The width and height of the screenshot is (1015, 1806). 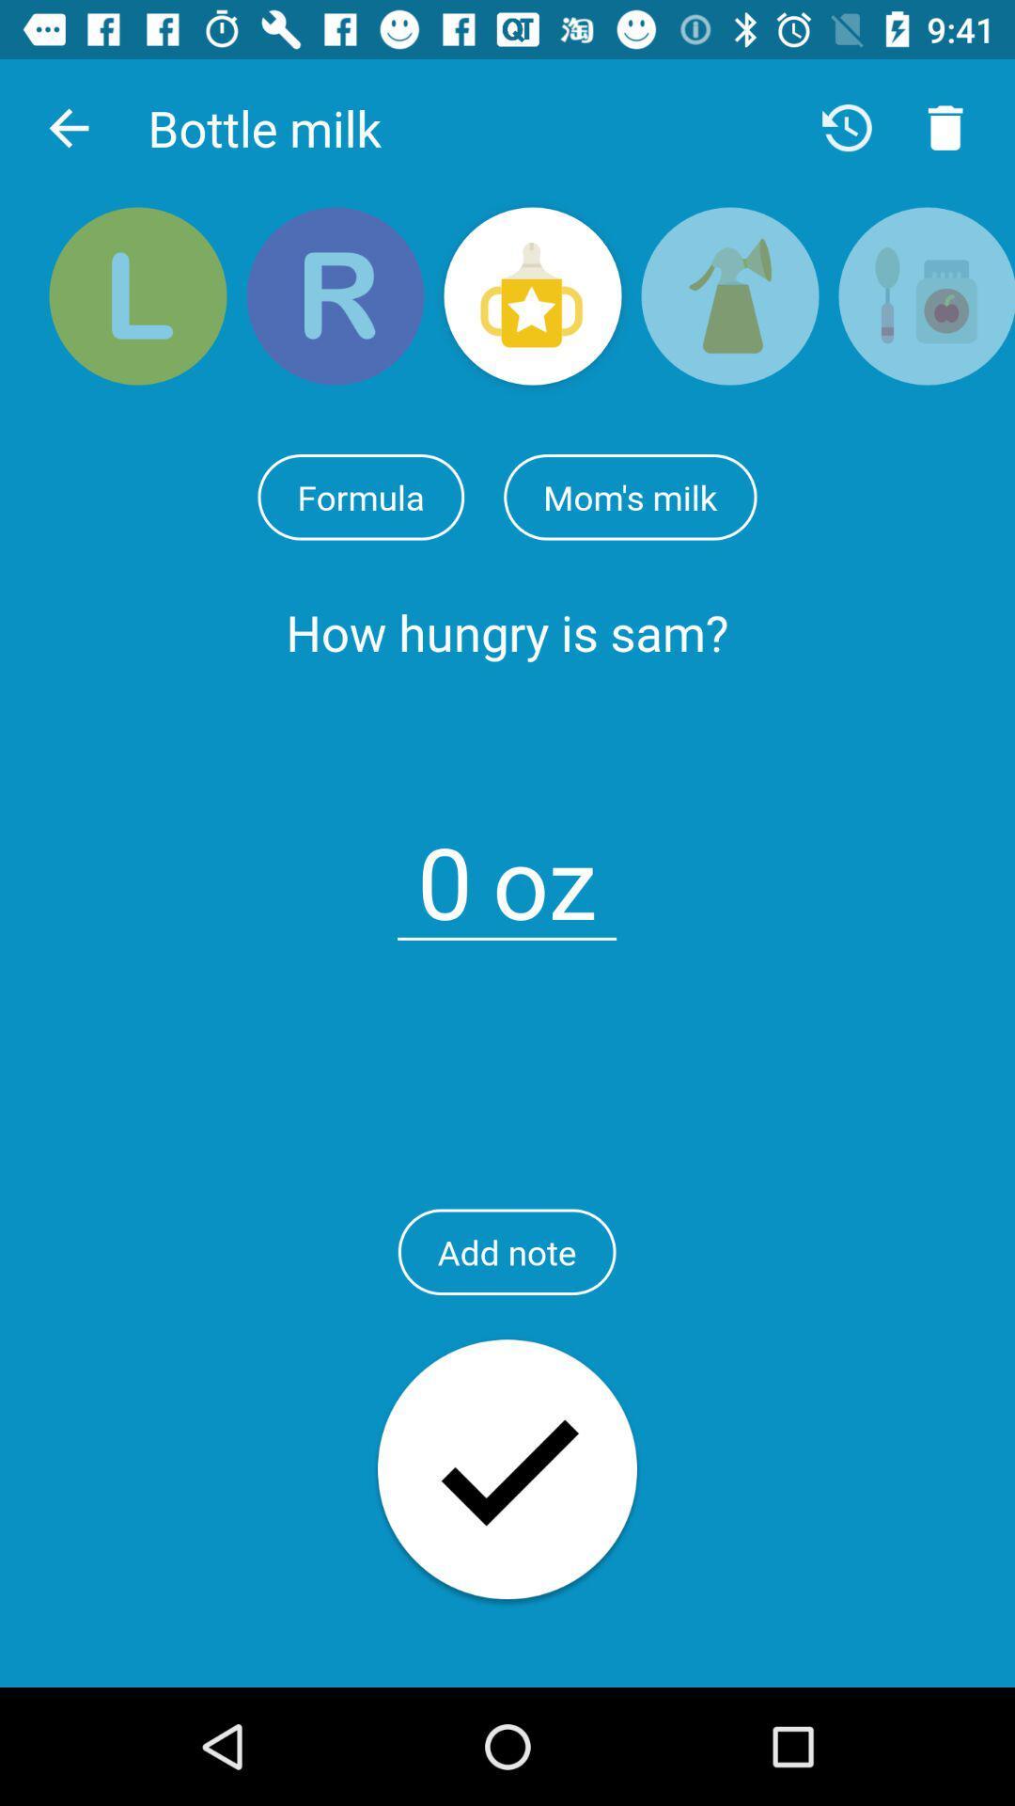 What do you see at coordinates (68, 127) in the screenshot?
I see `the app next to bottle milk` at bounding box center [68, 127].